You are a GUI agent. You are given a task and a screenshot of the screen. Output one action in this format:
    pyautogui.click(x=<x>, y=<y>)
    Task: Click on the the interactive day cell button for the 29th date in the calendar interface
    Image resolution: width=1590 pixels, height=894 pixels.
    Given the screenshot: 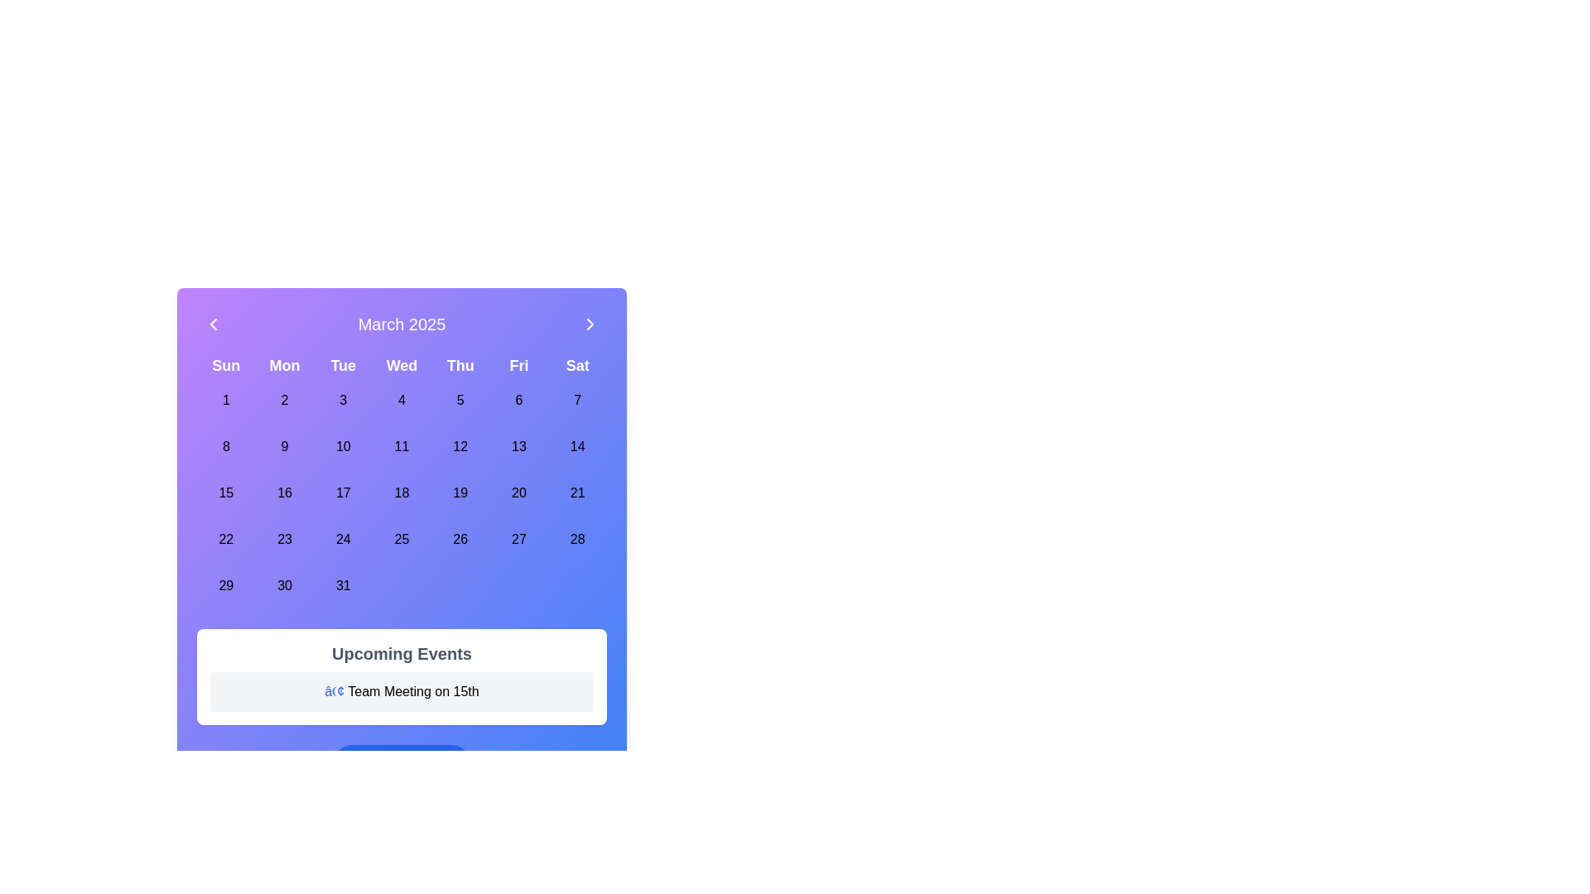 What is the action you would take?
    pyautogui.click(x=225, y=585)
    